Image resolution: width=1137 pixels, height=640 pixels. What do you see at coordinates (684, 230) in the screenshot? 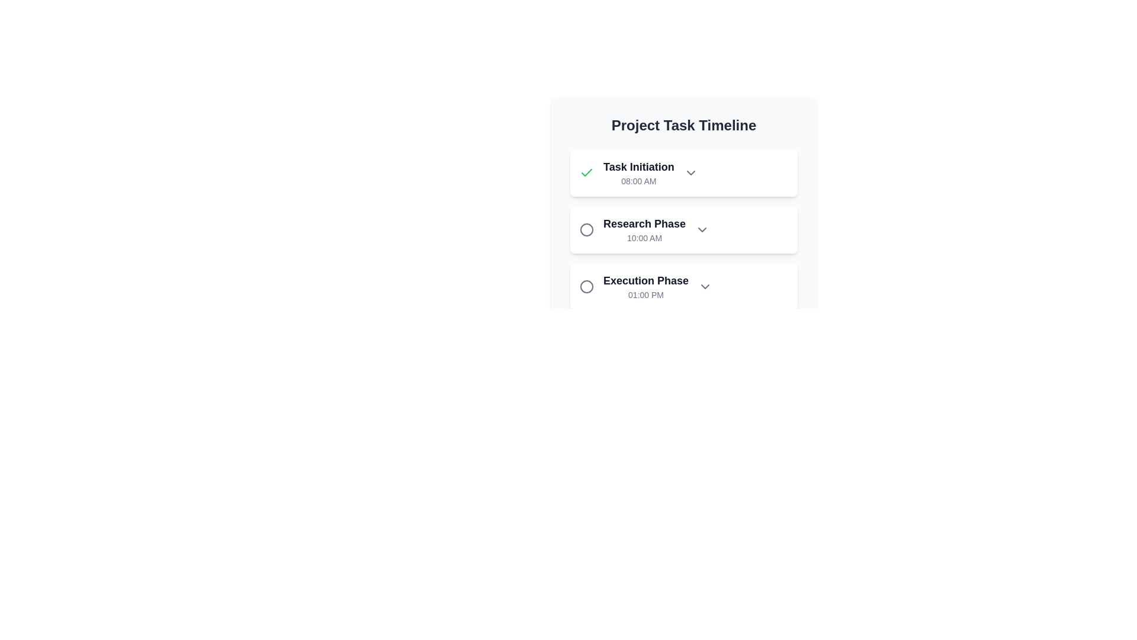
I see `the second list item labeled 'Research Phase' in the 'Project Task Timeline' section` at bounding box center [684, 230].